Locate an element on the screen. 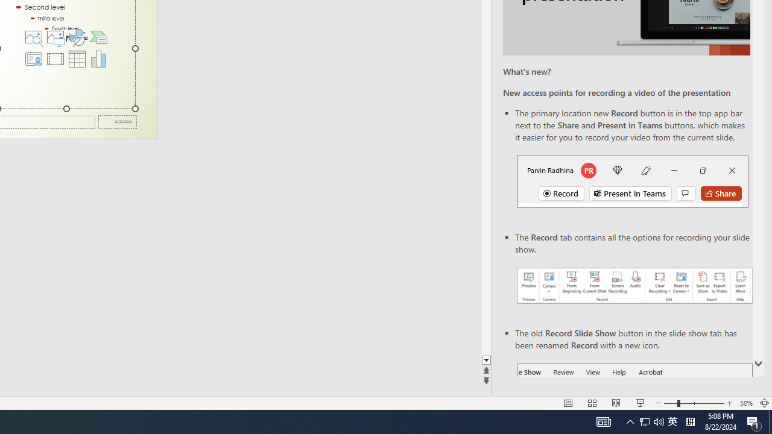  'Insert an Icon' is located at coordinates (77, 36).